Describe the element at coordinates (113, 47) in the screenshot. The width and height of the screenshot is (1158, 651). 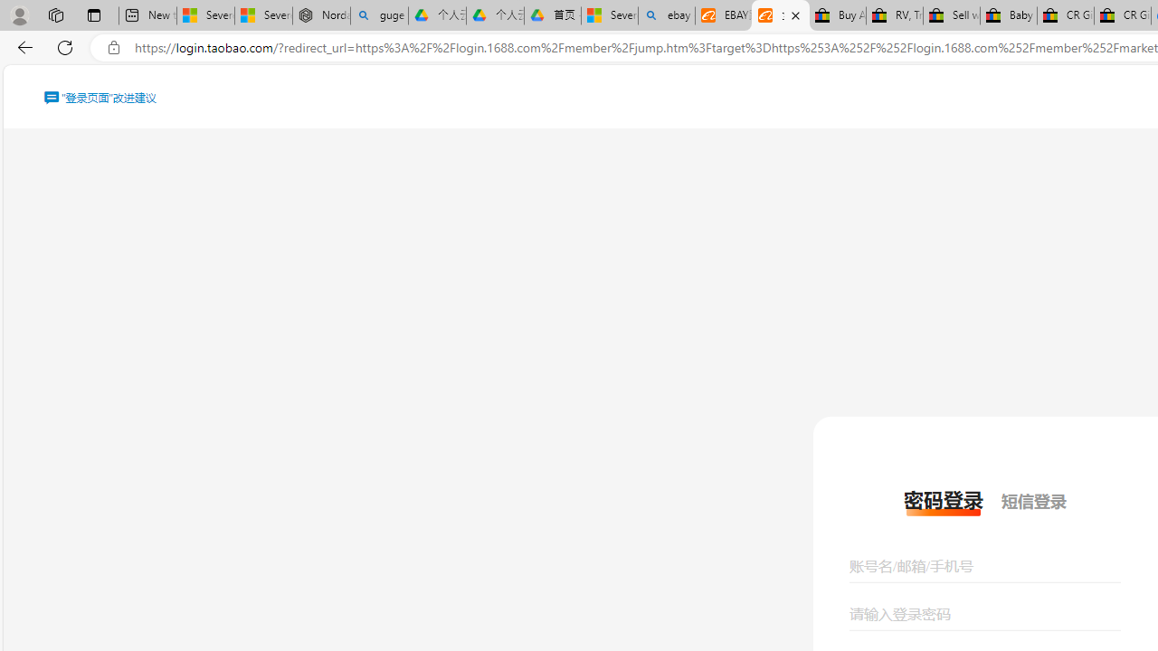
I see `'View site information'` at that location.